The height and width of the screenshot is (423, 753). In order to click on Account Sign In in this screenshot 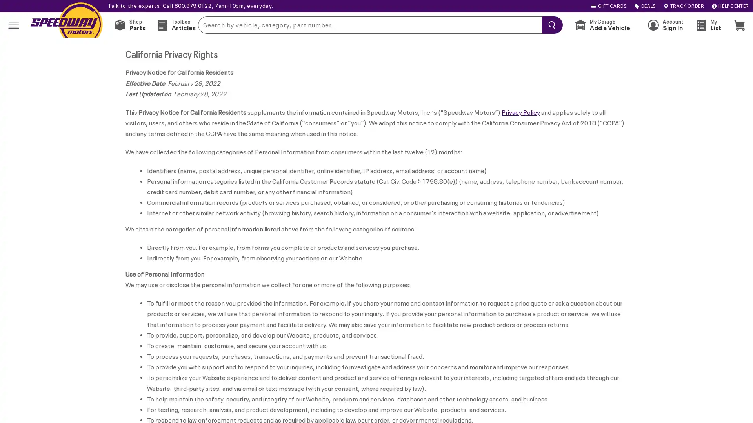, I will do `click(665, 24)`.